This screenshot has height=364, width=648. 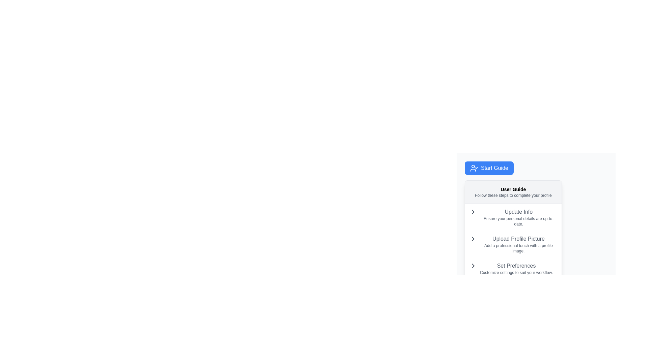 What do you see at coordinates (518, 211) in the screenshot?
I see `the Text label that serves as a title or heading within the list, positioned fourth from the top and immediately below 'Start Guide.'` at bounding box center [518, 211].